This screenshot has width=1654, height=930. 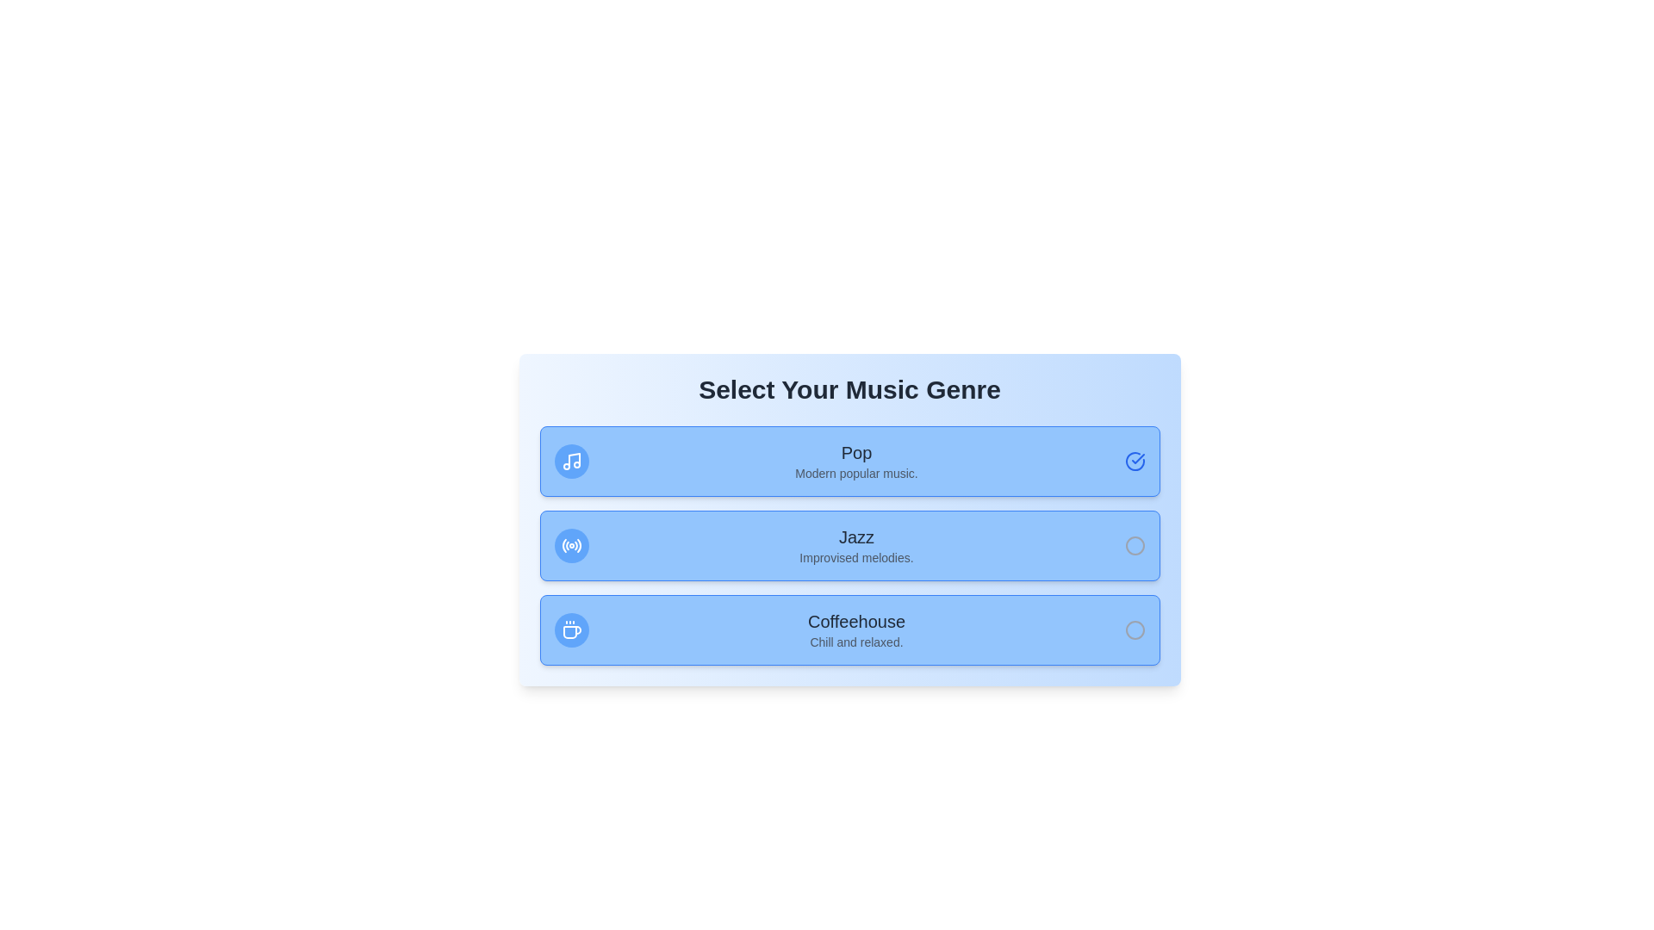 What do you see at coordinates (571, 631) in the screenshot?
I see `the lower-most icon representing the 'Coffeehouse' option in the list` at bounding box center [571, 631].